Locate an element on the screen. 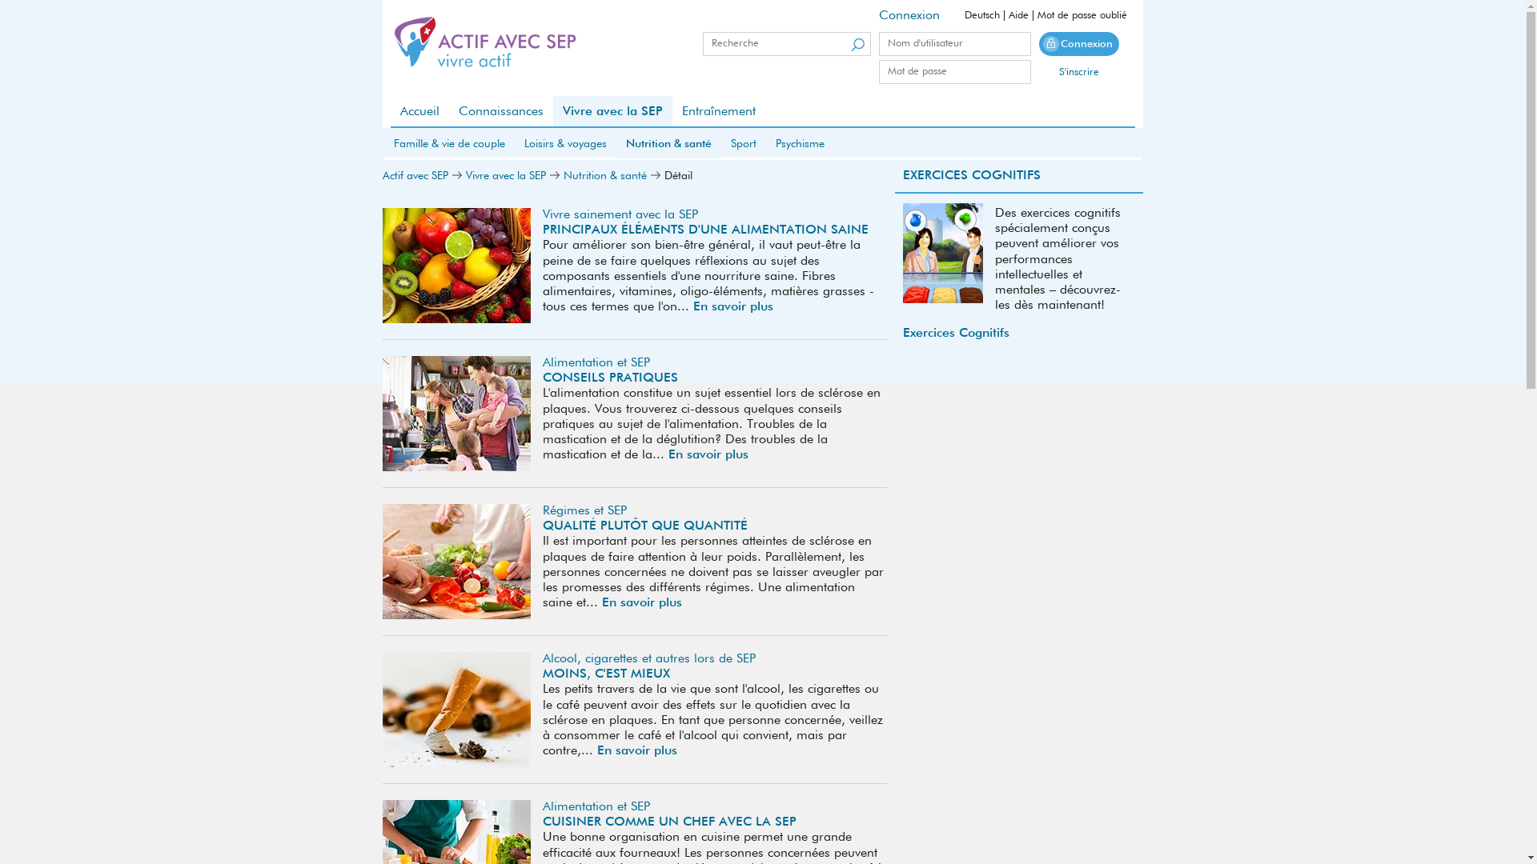  'S'inscrire' is located at coordinates (1079, 70).